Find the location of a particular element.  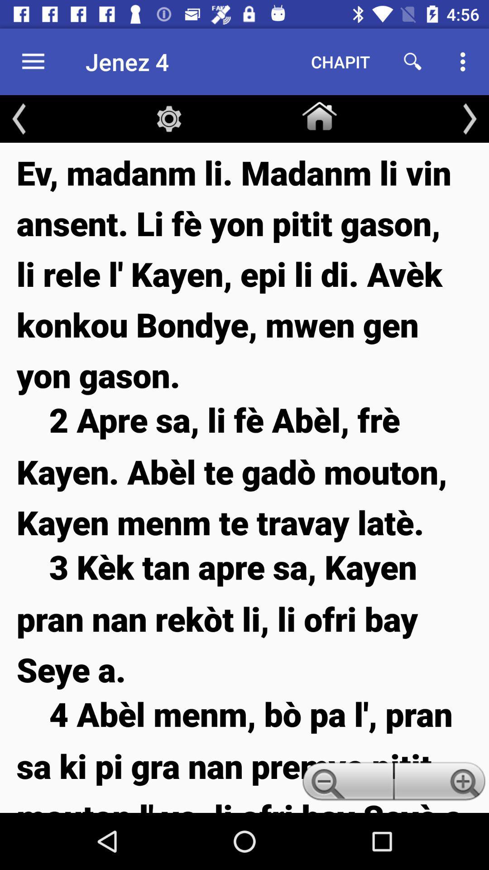

the arrow_forward icon is located at coordinates (469, 118).